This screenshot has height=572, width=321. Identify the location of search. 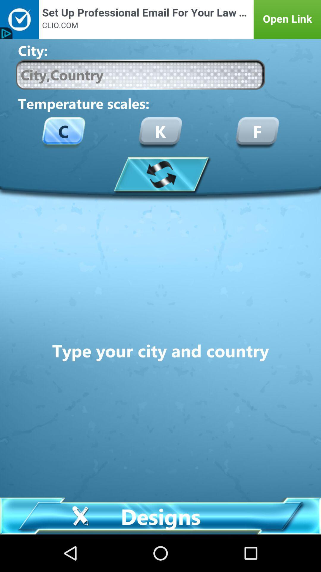
(140, 74).